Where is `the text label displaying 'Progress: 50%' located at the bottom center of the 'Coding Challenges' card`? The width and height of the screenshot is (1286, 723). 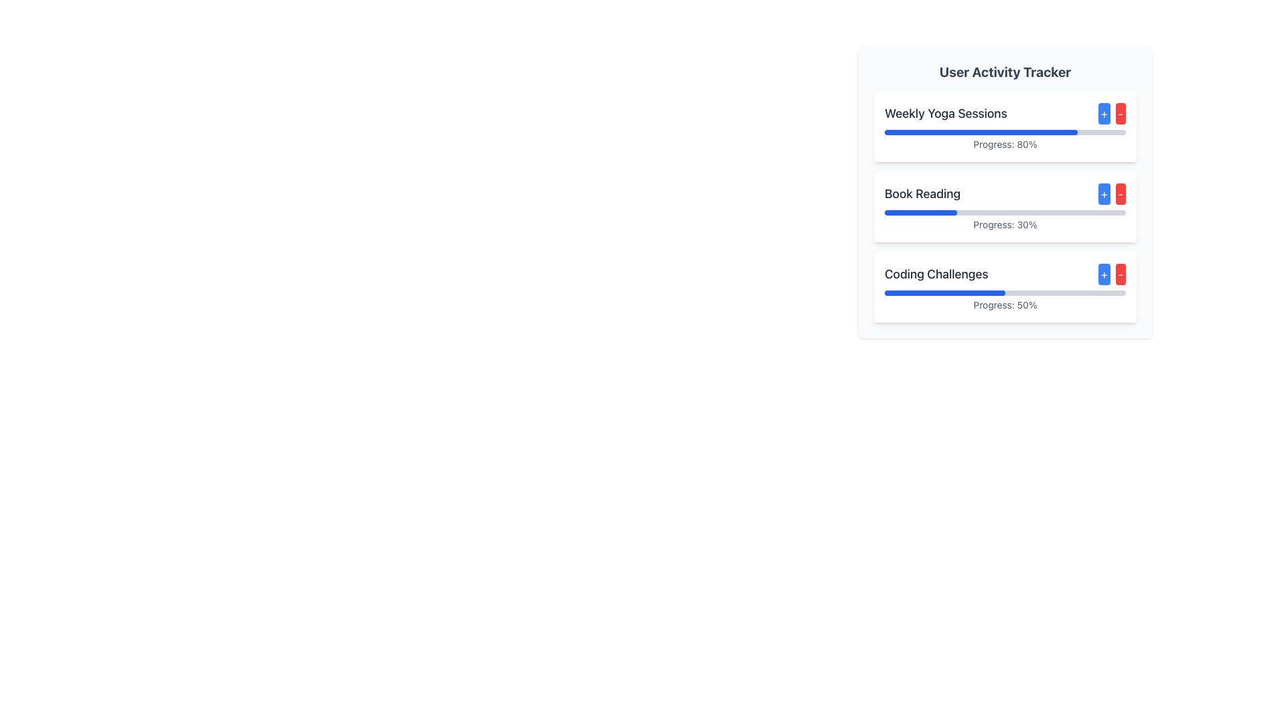 the text label displaying 'Progress: 50%' located at the bottom center of the 'Coding Challenges' card is located at coordinates (1005, 305).